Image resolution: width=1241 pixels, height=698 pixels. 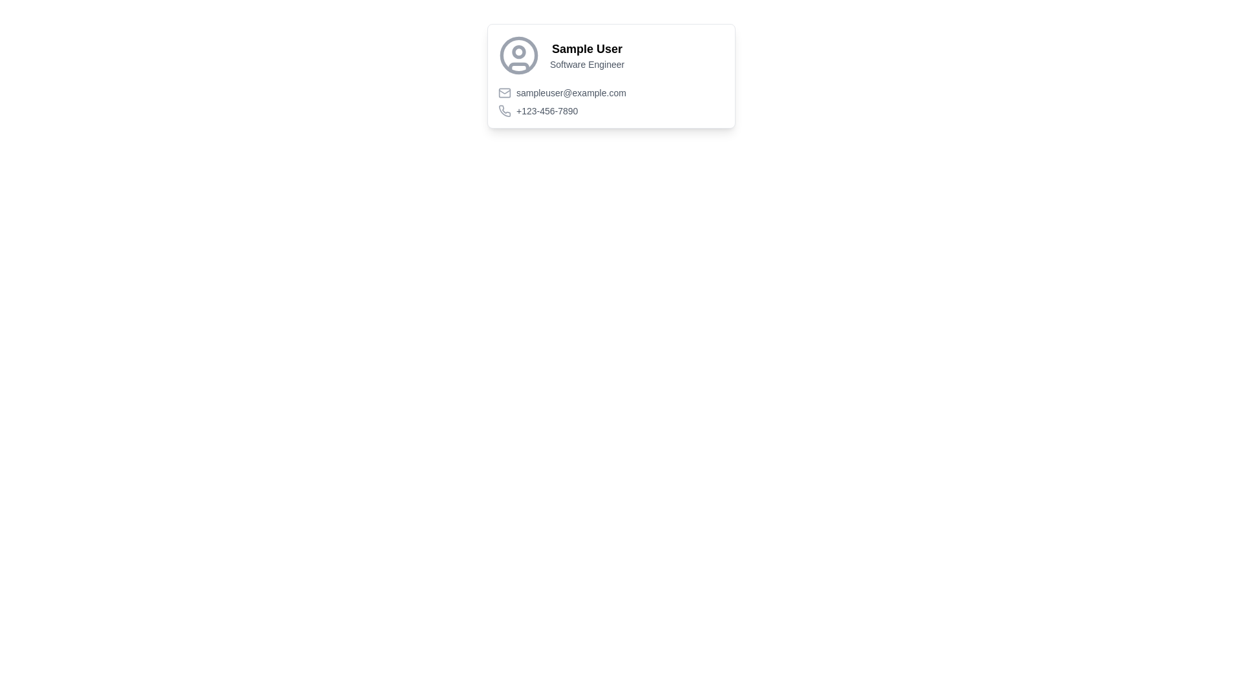 I want to click on the decorative boundary SVG circle of the user profile icon located at the top-left corner of the user card for 'Sample User', so click(x=518, y=54).